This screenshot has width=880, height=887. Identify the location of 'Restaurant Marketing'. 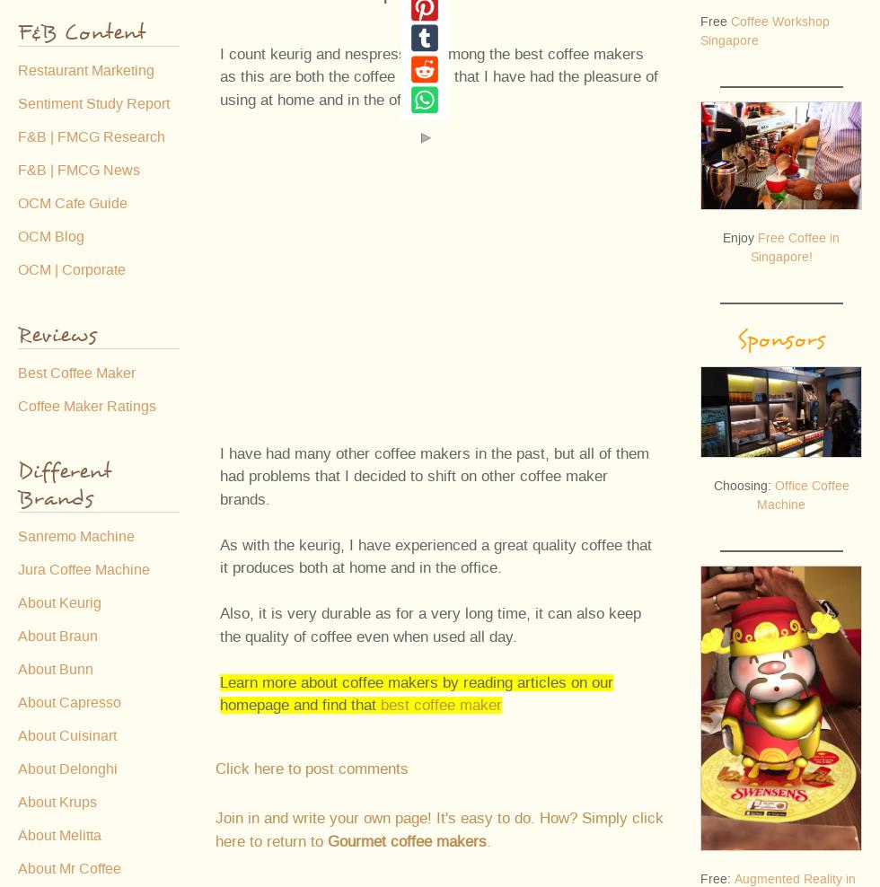
(86, 71).